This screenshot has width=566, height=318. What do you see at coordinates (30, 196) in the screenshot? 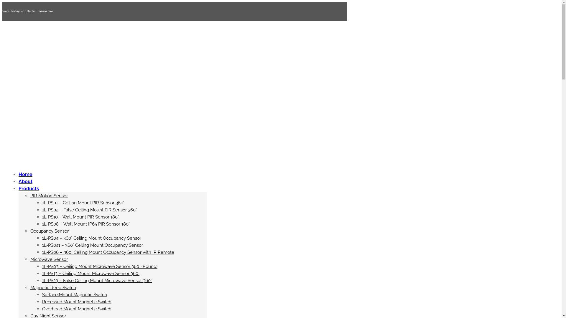
I see `'PIR Motion Sensor'` at bounding box center [30, 196].